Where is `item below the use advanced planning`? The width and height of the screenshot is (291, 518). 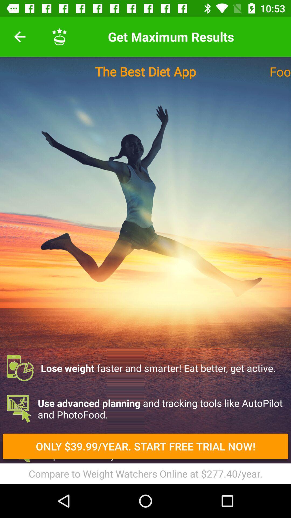 item below the use advanced planning is located at coordinates (145, 449).